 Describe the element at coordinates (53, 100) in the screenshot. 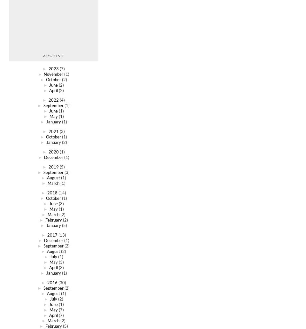

I see `'2022'` at that location.